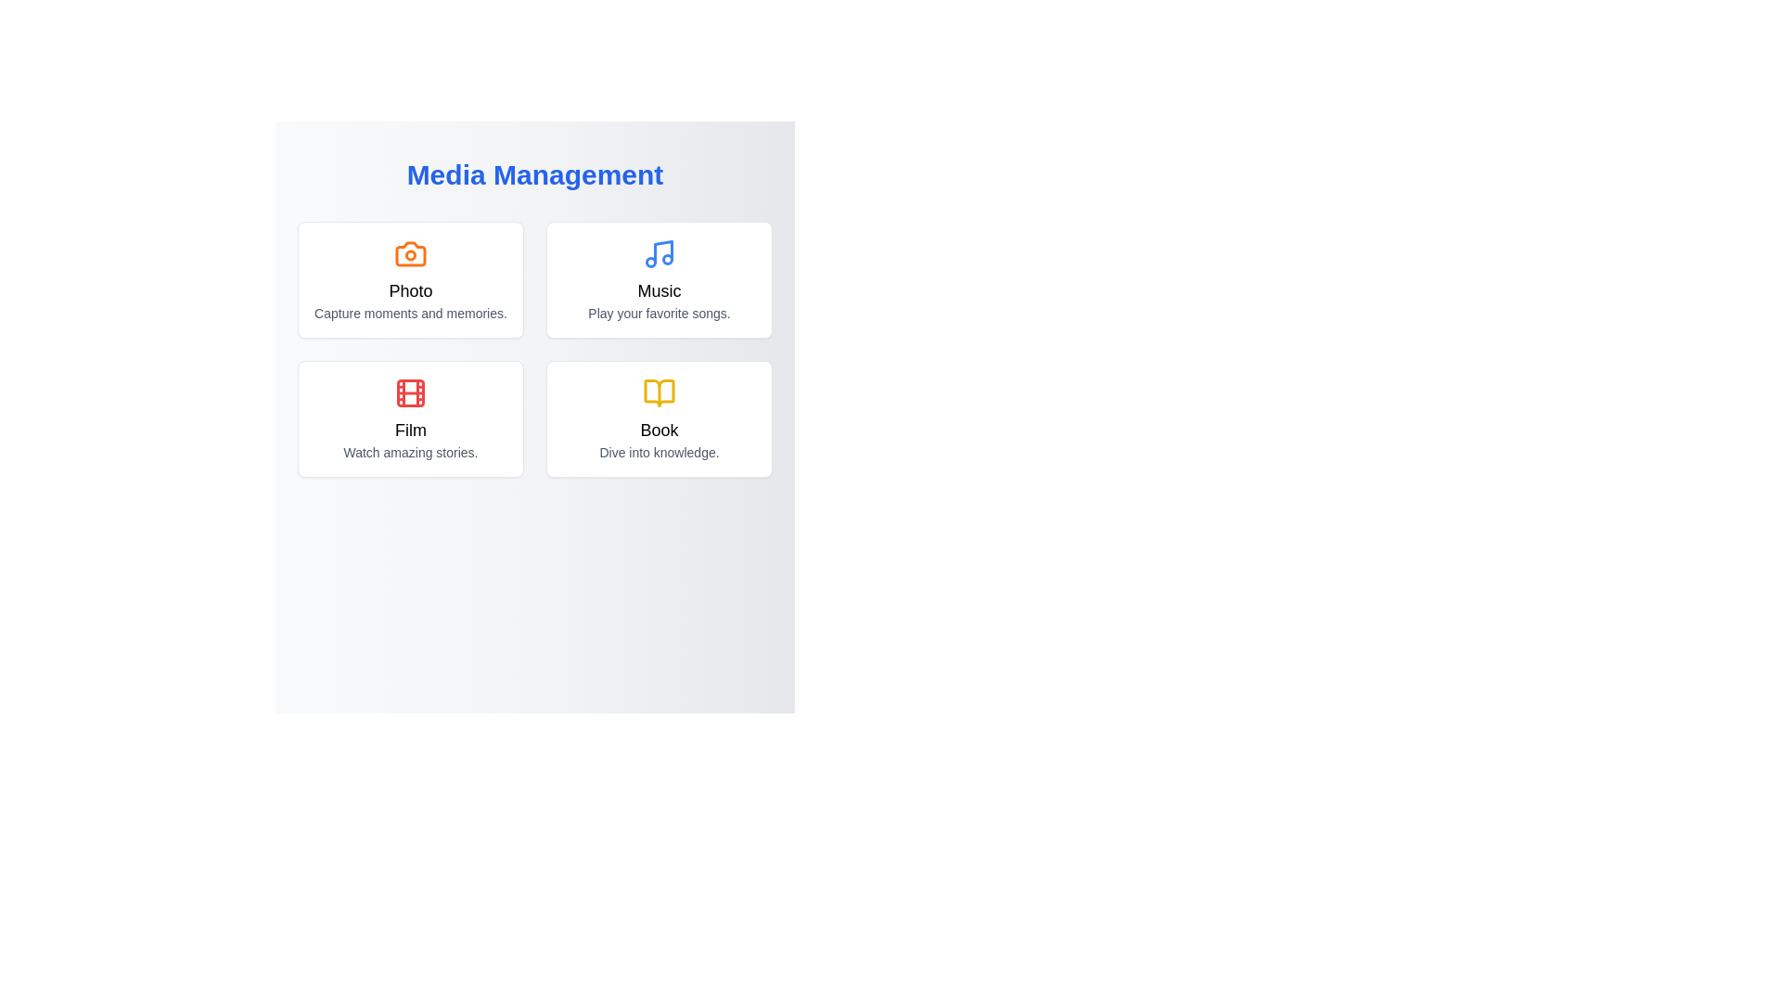  I want to click on the static text label located below the 'Music' heading in the 'Music' section, which serves as an informational subheading, so click(659, 313).